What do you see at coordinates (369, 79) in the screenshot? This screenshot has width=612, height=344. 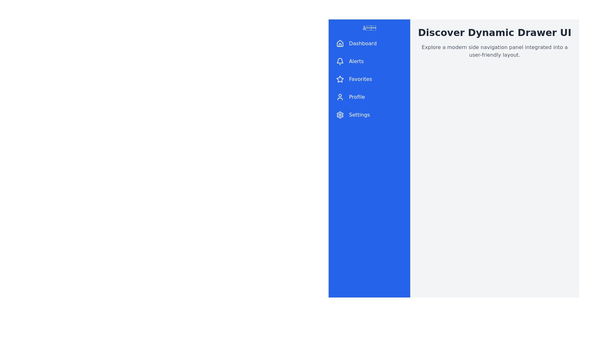 I see `the 'Favorites' button in the vertical navigation sidebar with a star-shaped icon and white text on a blue background to indicate selection` at bounding box center [369, 79].